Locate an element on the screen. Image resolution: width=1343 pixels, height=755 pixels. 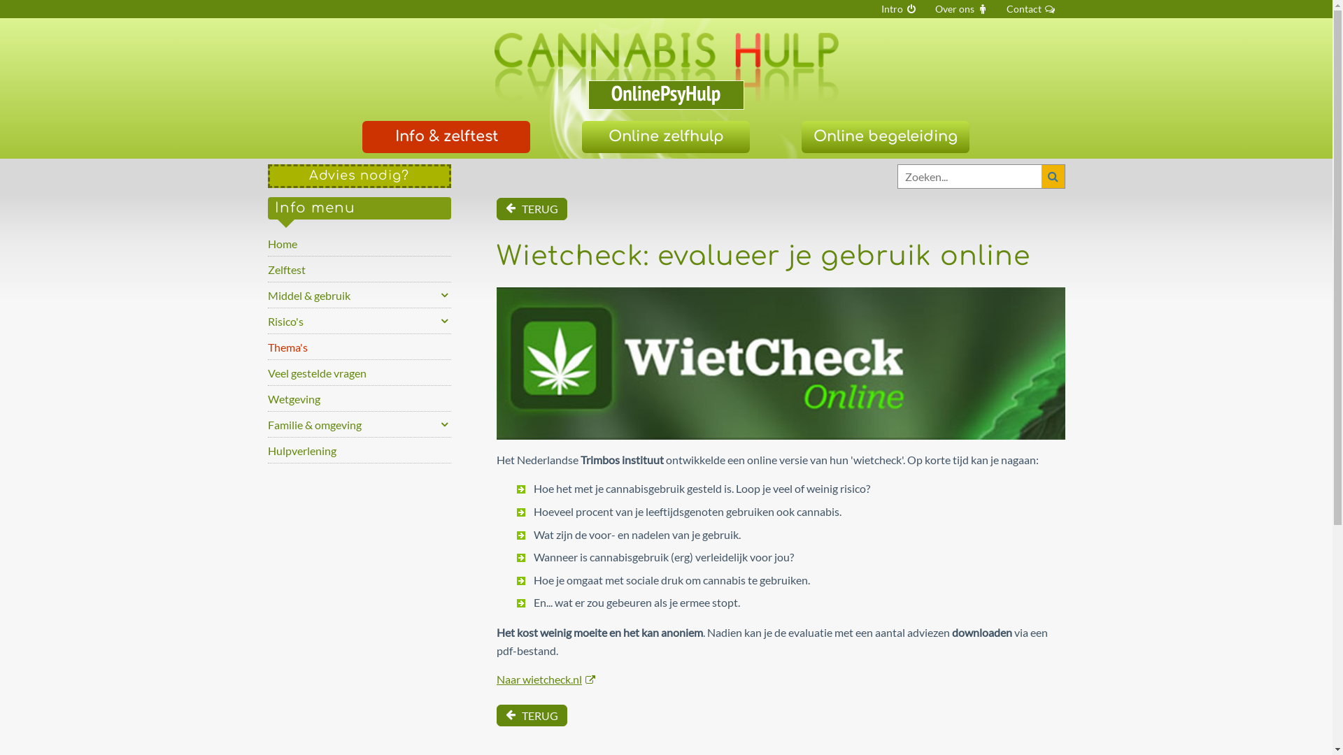
'Thema's' is located at coordinates (267, 346).